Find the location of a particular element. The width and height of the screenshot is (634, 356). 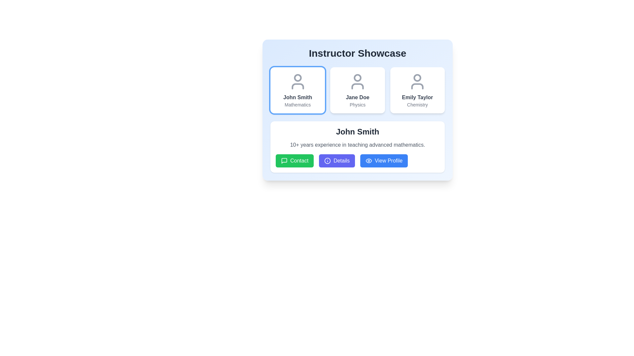

the inner circular graphical element of the info icon in the user profile interface, which serves as a decorative or symbolic component is located at coordinates (328, 161).